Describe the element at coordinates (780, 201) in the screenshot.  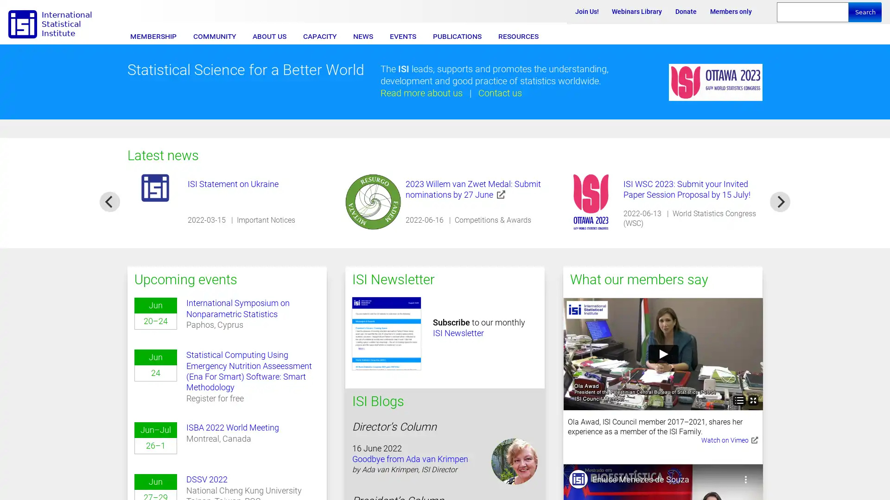
I see `next` at that location.